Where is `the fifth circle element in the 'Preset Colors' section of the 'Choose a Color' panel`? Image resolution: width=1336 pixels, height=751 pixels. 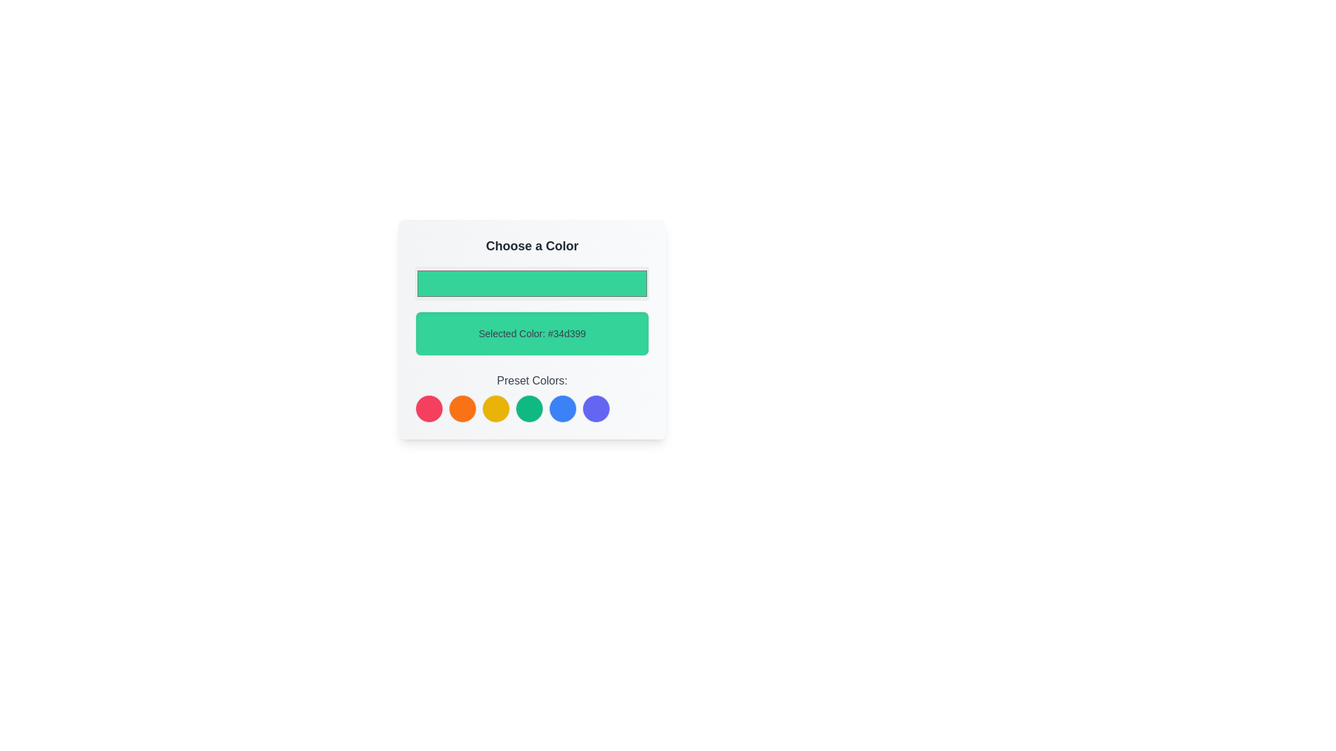 the fifth circle element in the 'Preset Colors' section of the 'Choose a Color' panel is located at coordinates (563, 407).